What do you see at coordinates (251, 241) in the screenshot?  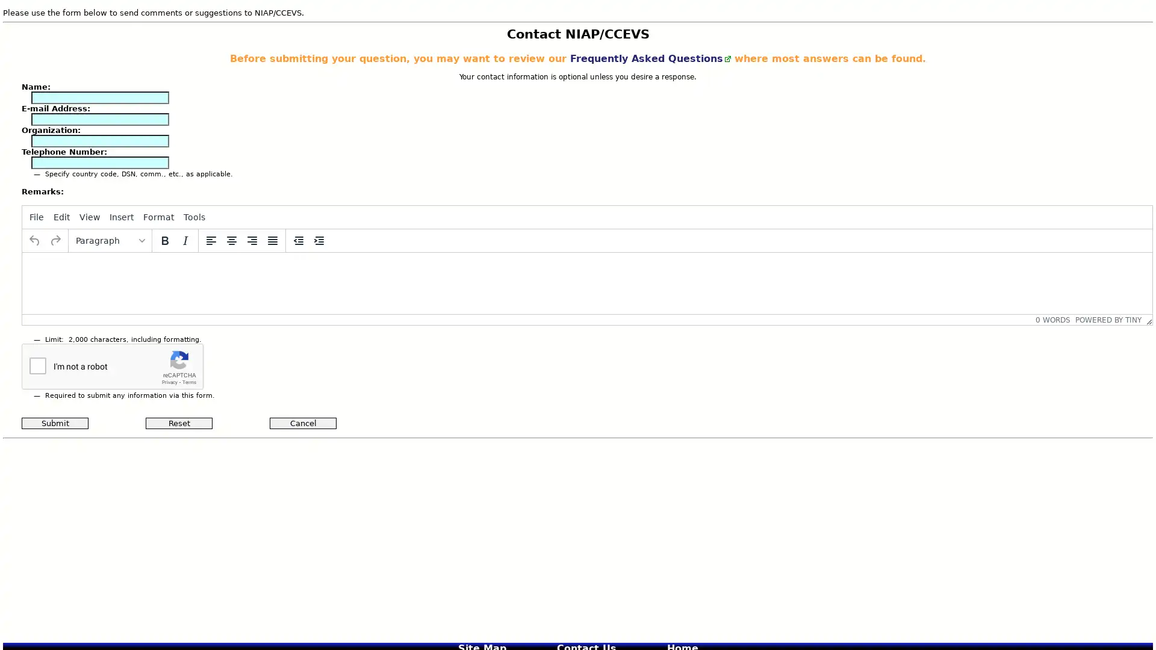 I see `Align right` at bounding box center [251, 241].